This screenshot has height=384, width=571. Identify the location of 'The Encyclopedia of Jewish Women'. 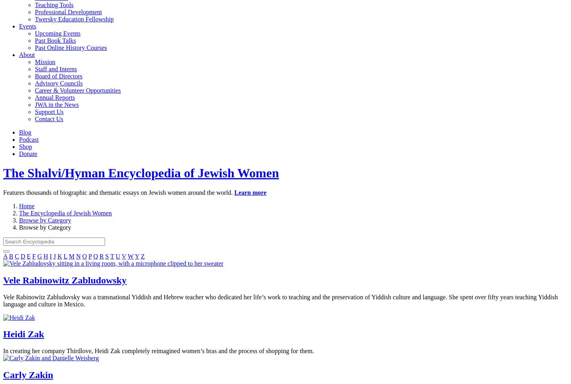
(65, 212).